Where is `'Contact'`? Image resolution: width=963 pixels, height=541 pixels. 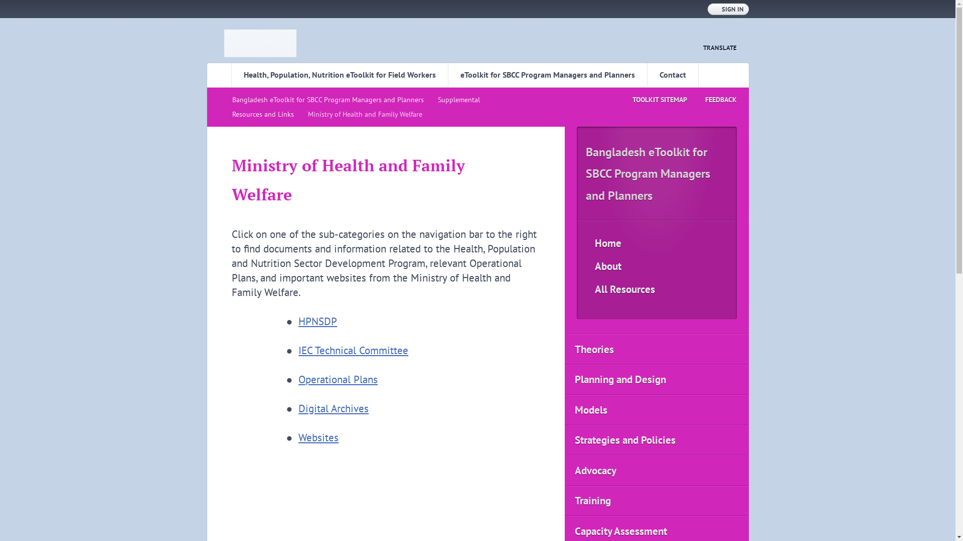 'Contact' is located at coordinates (673, 74).